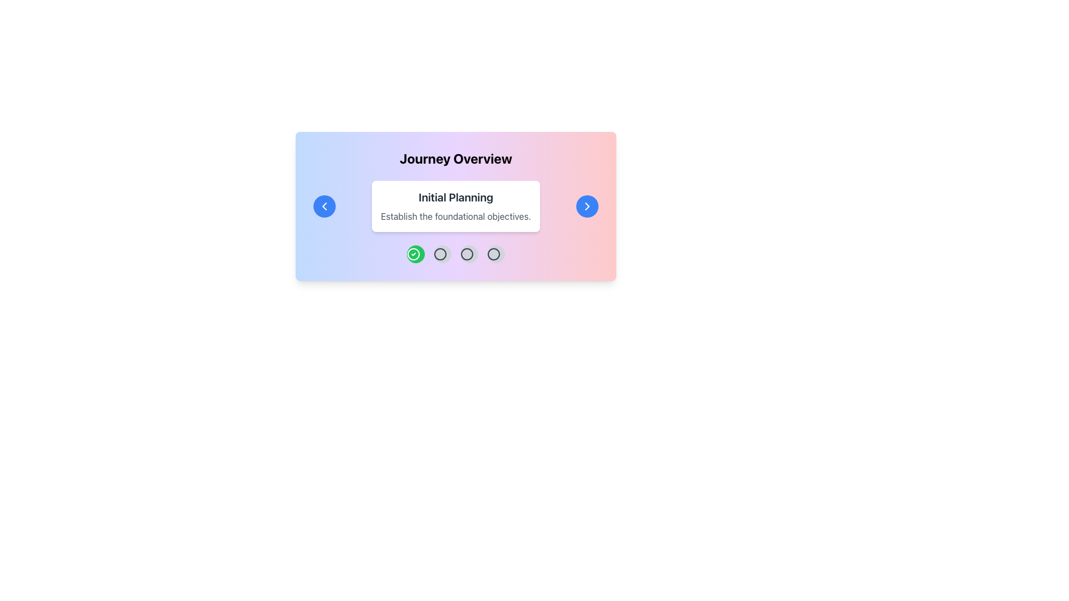  Describe the element at coordinates (323, 206) in the screenshot. I see `the Chevron Icon located on the left side of the modal within a blue circular button` at that location.